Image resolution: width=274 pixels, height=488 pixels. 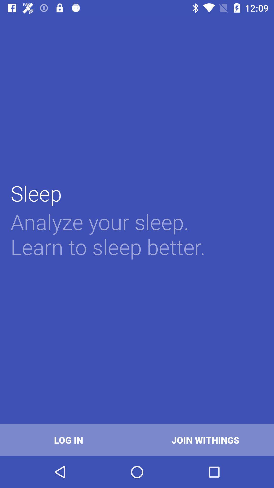 What do you see at coordinates (205, 440) in the screenshot?
I see `join withings` at bounding box center [205, 440].